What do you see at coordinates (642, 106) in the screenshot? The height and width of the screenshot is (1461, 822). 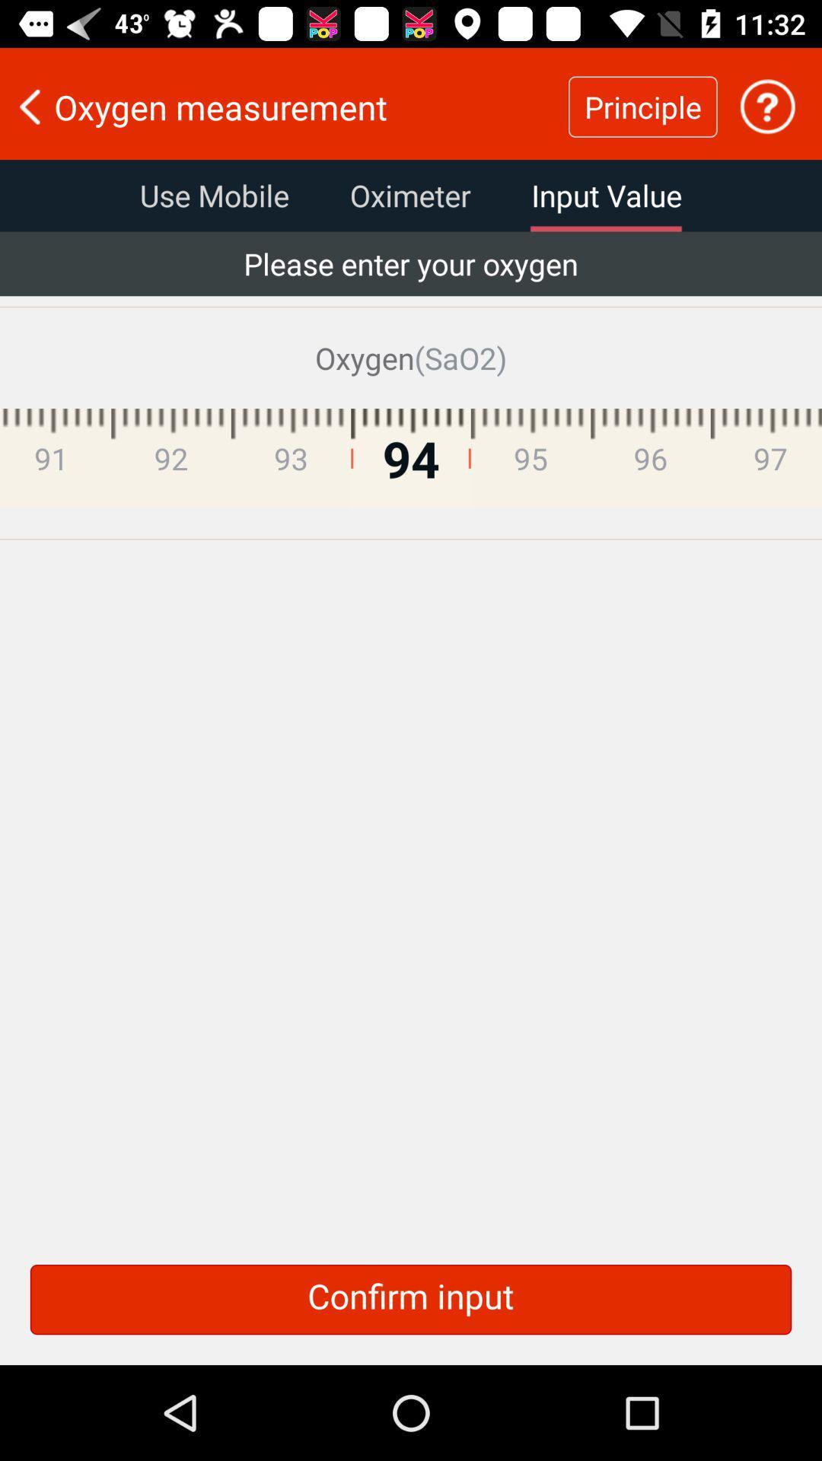 I see `principle icon` at bounding box center [642, 106].